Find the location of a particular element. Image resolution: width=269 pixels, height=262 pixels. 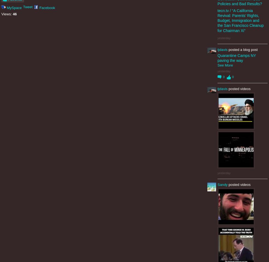

'Quarantine Camps NY paving the way' is located at coordinates (236, 57).